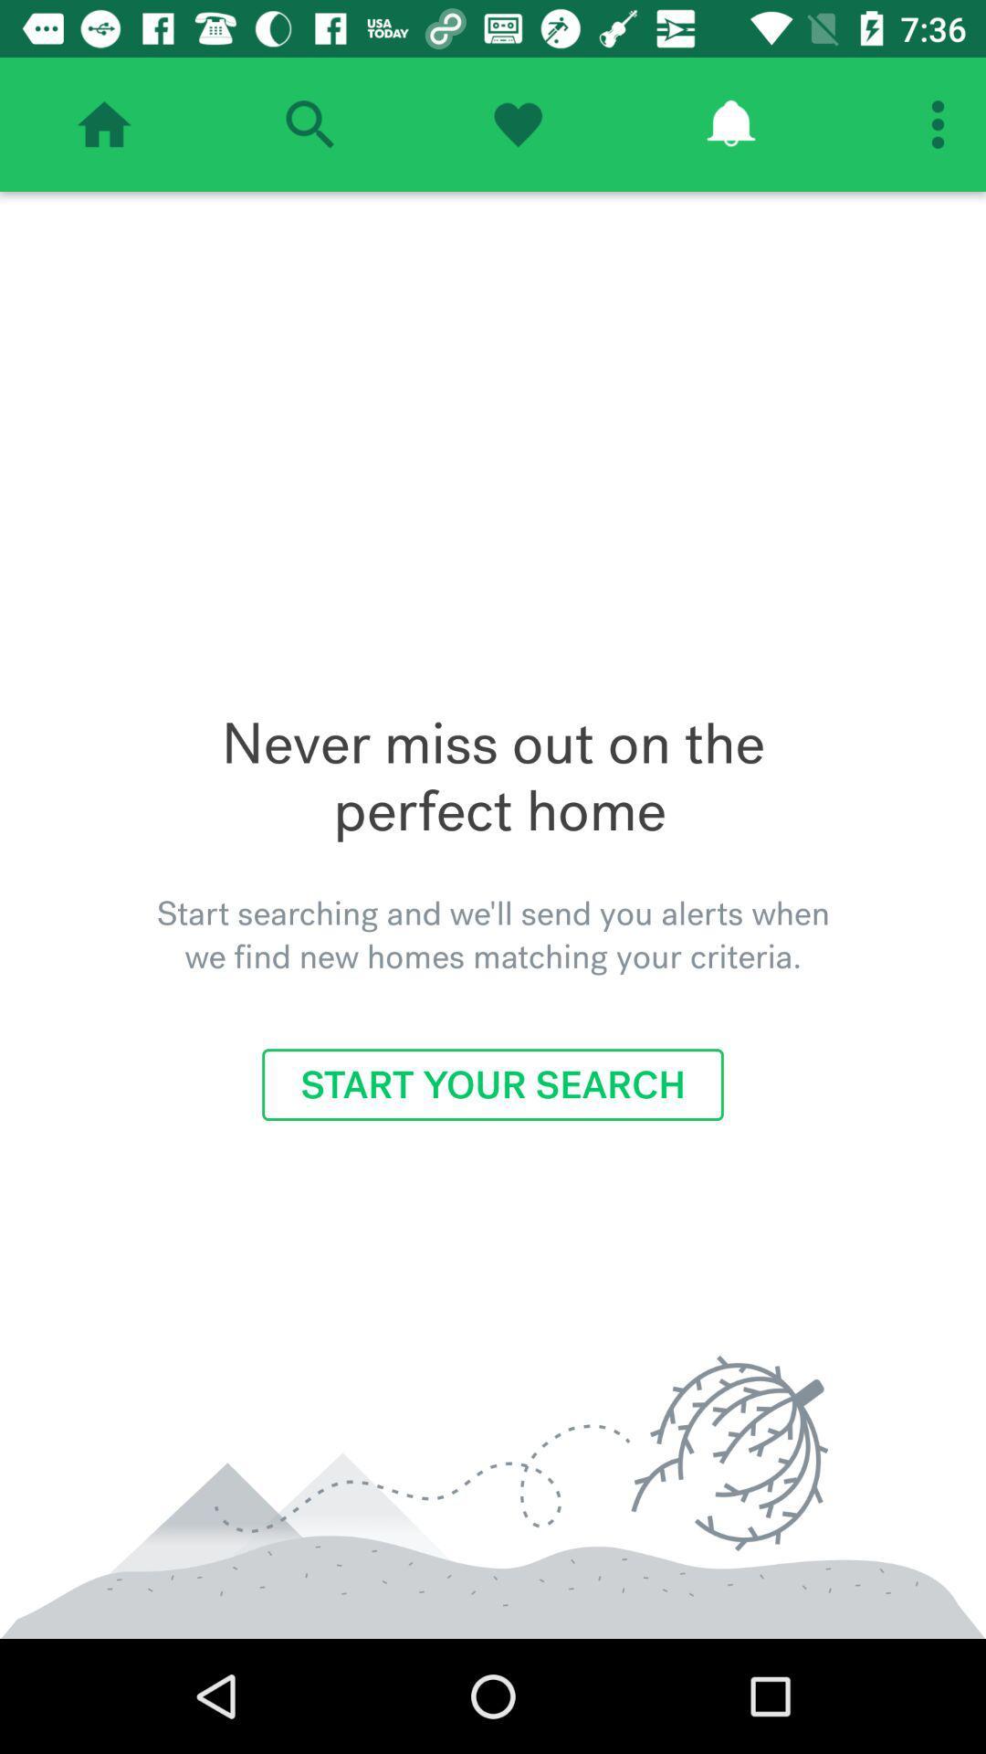 The height and width of the screenshot is (1754, 986). I want to click on home page, so click(104, 123).